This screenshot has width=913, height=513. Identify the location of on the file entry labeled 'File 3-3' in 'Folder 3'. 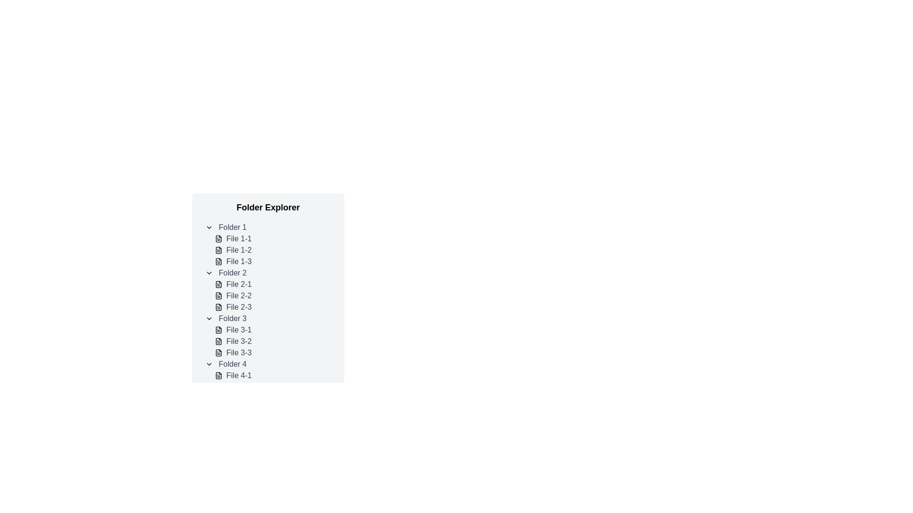
(273, 353).